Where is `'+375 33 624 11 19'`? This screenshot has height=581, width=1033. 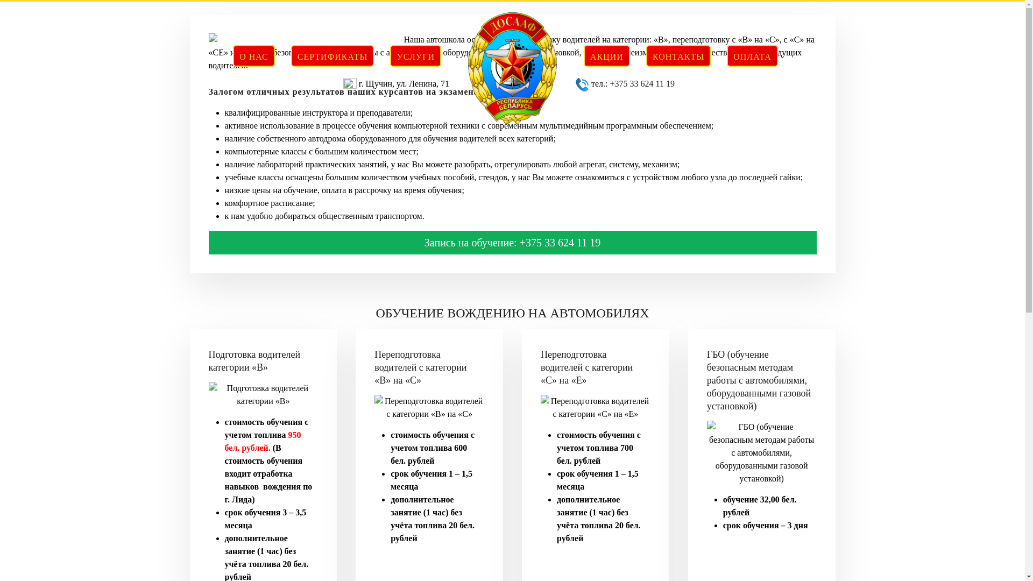 '+375 33 624 11 19' is located at coordinates (642, 83).